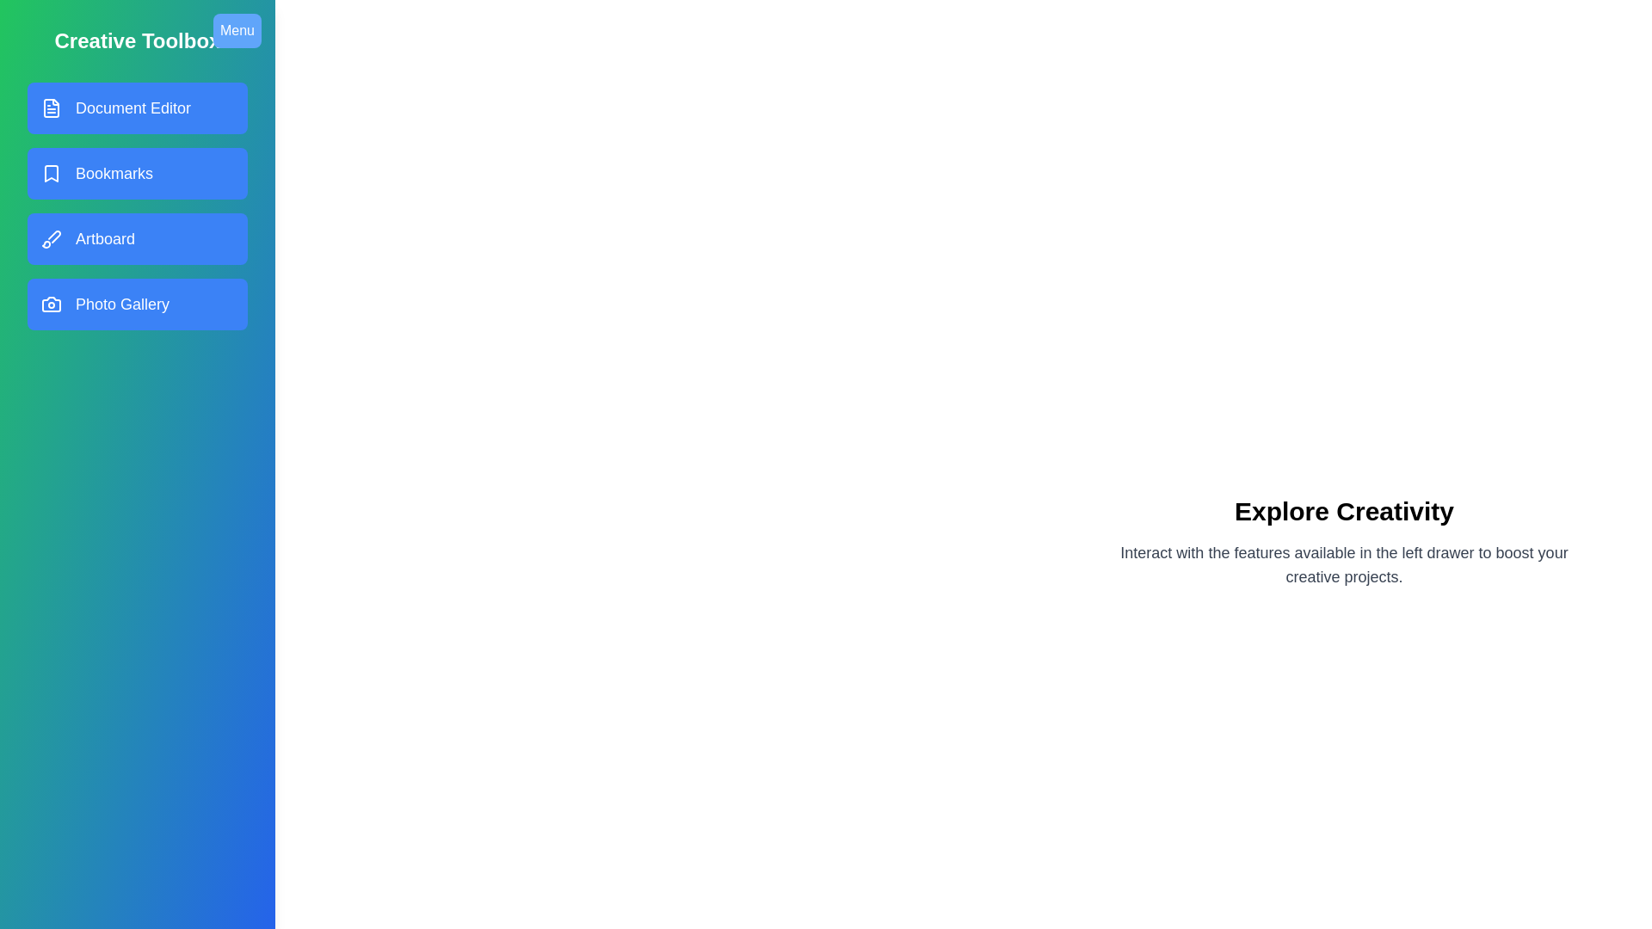  Describe the element at coordinates (236, 30) in the screenshot. I see `menu button to toggle the drawer visibility` at that location.